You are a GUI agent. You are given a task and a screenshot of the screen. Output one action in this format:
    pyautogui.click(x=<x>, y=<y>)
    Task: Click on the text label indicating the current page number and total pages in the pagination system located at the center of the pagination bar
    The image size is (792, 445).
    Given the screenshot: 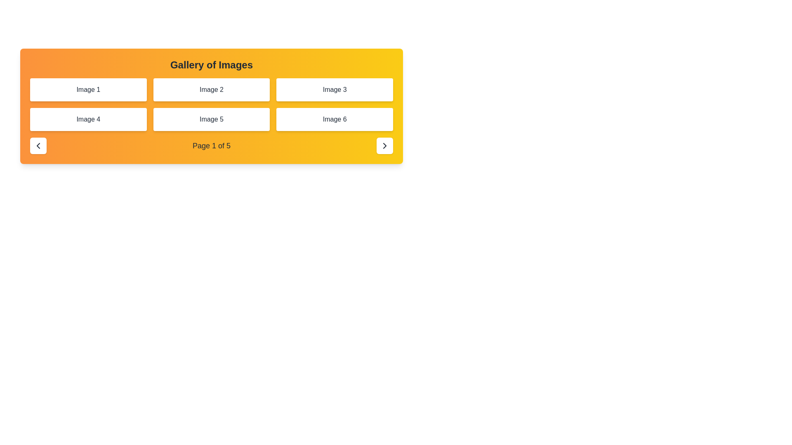 What is the action you would take?
    pyautogui.click(x=212, y=145)
    